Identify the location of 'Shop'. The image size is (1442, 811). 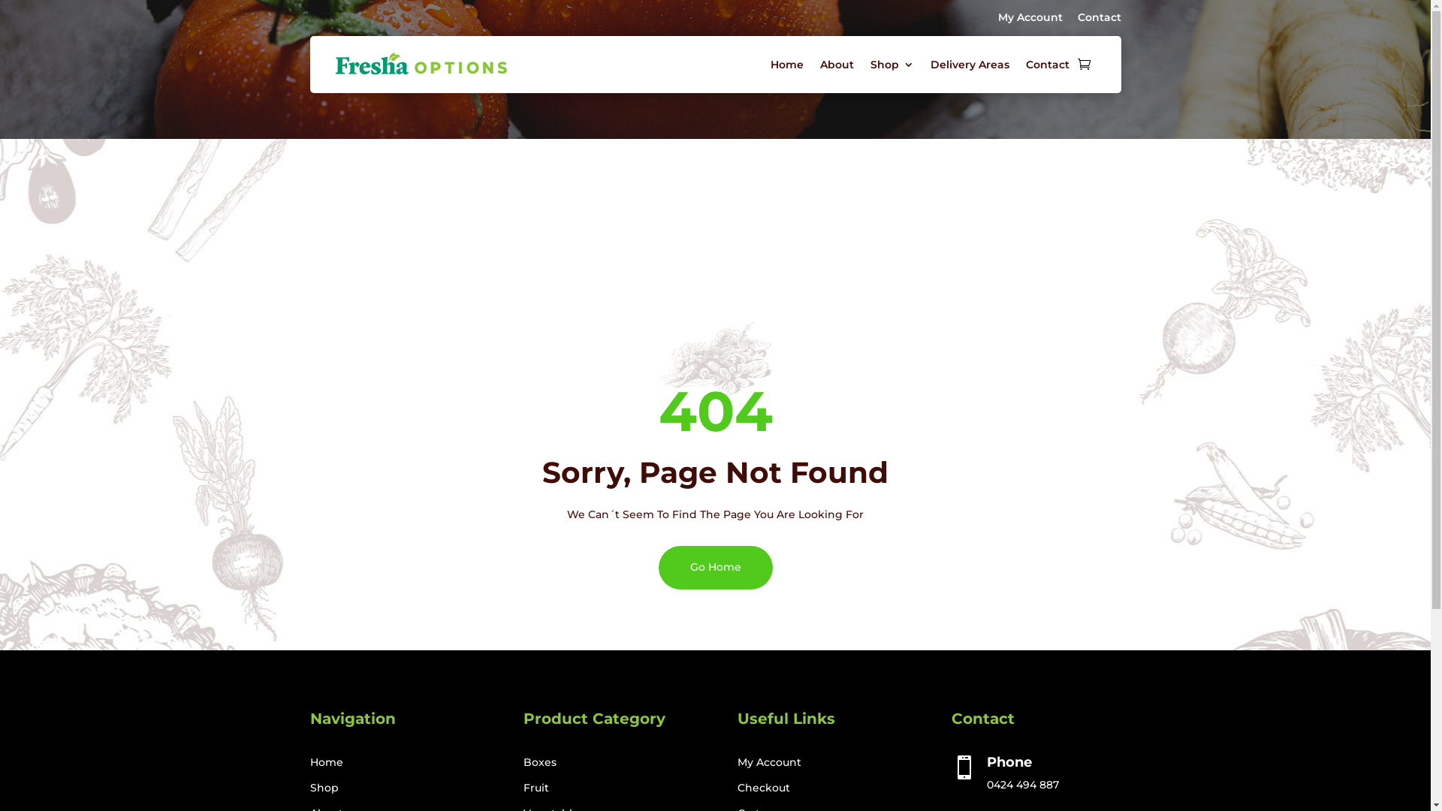
(323, 787).